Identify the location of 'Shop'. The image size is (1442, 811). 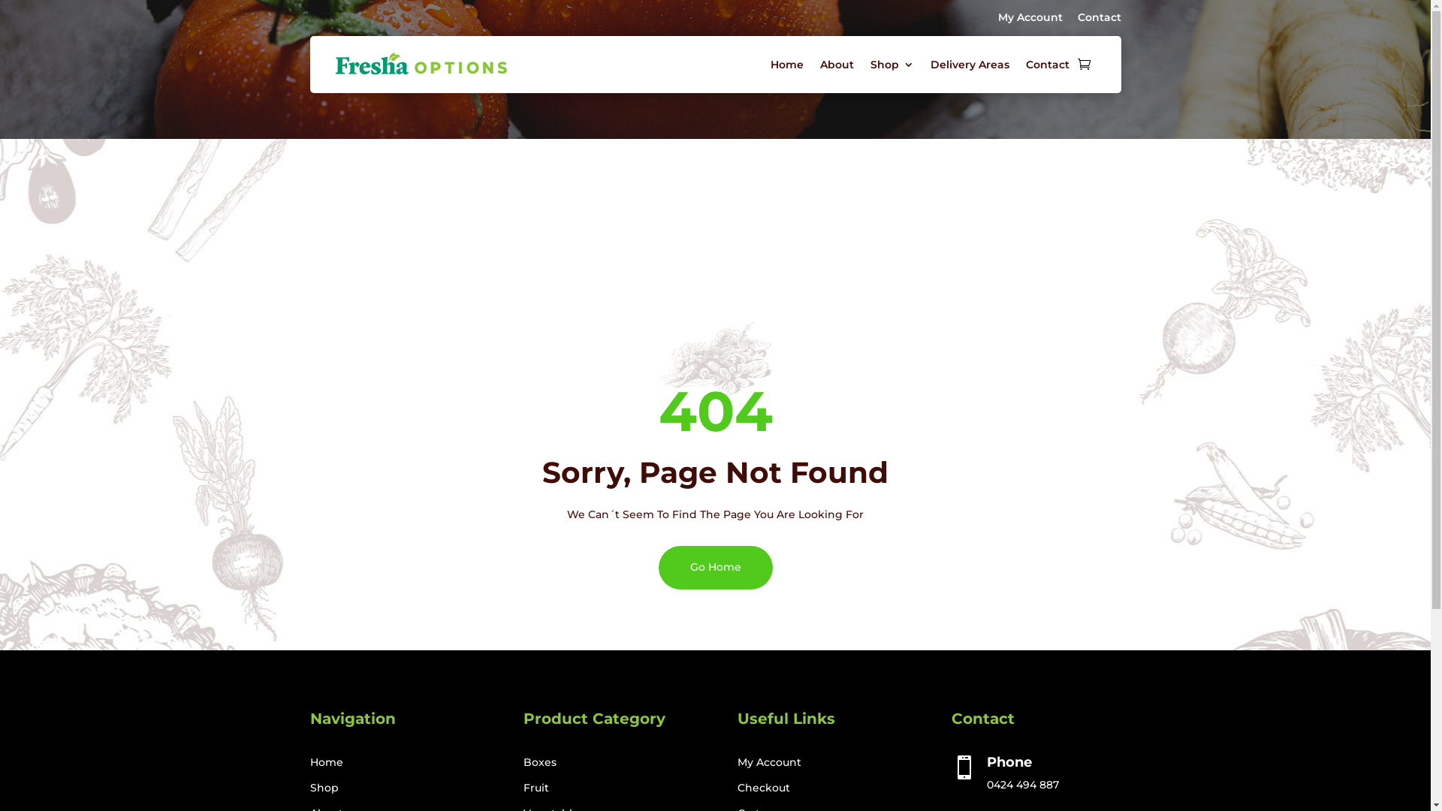
(323, 787).